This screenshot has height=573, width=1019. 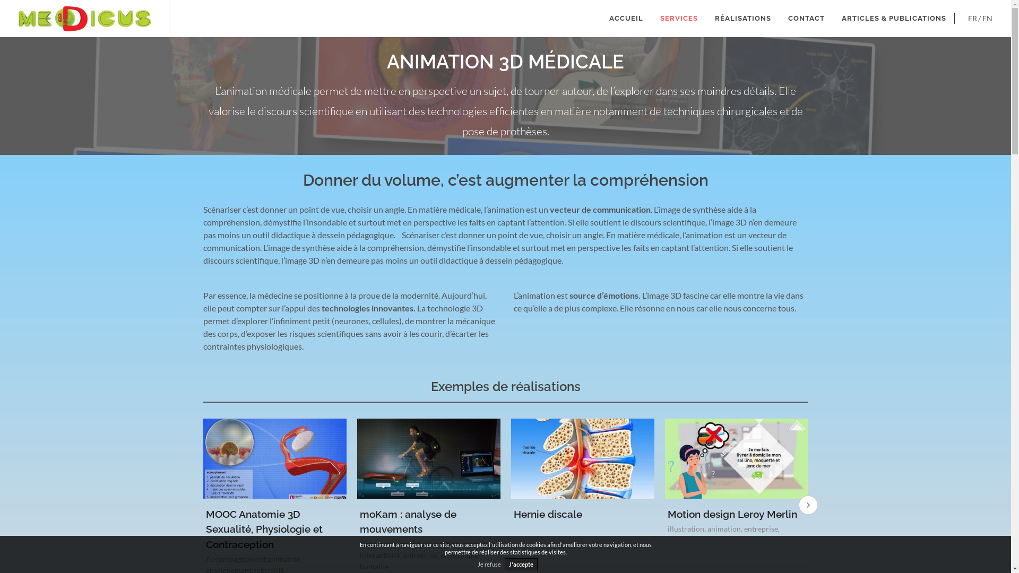 I want to click on 'Motion design Leroy Merlin', so click(x=732, y=513).